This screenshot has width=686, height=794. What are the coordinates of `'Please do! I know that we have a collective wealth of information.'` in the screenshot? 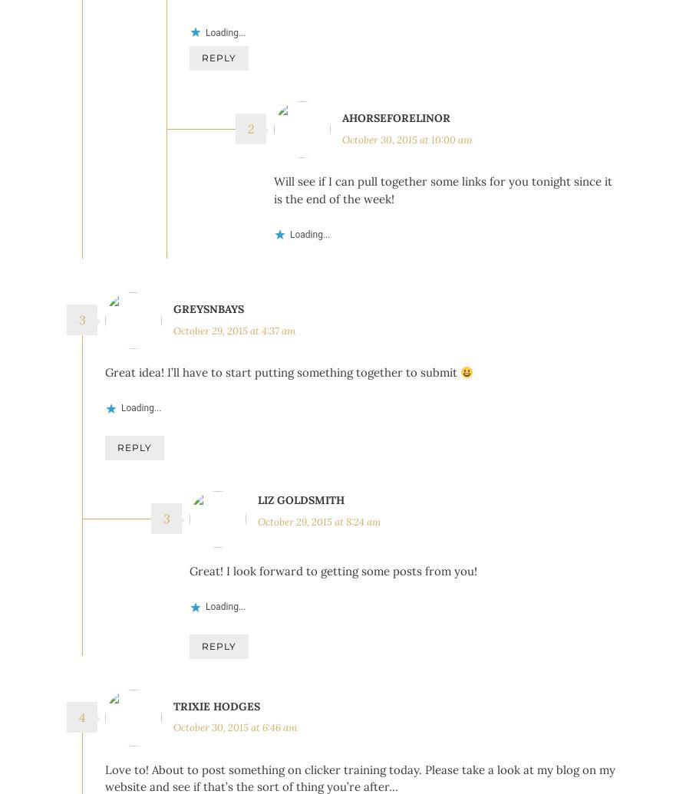 It's located at (364, 29).